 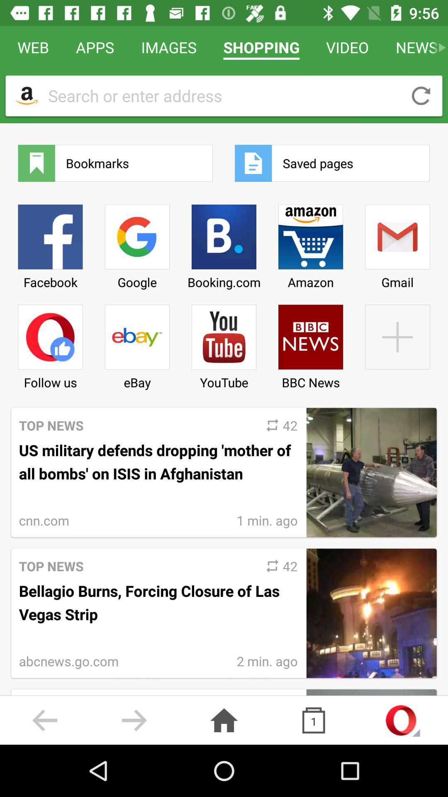 I want to click on icon to the right of the facebook item, so click(x=136, y=243).